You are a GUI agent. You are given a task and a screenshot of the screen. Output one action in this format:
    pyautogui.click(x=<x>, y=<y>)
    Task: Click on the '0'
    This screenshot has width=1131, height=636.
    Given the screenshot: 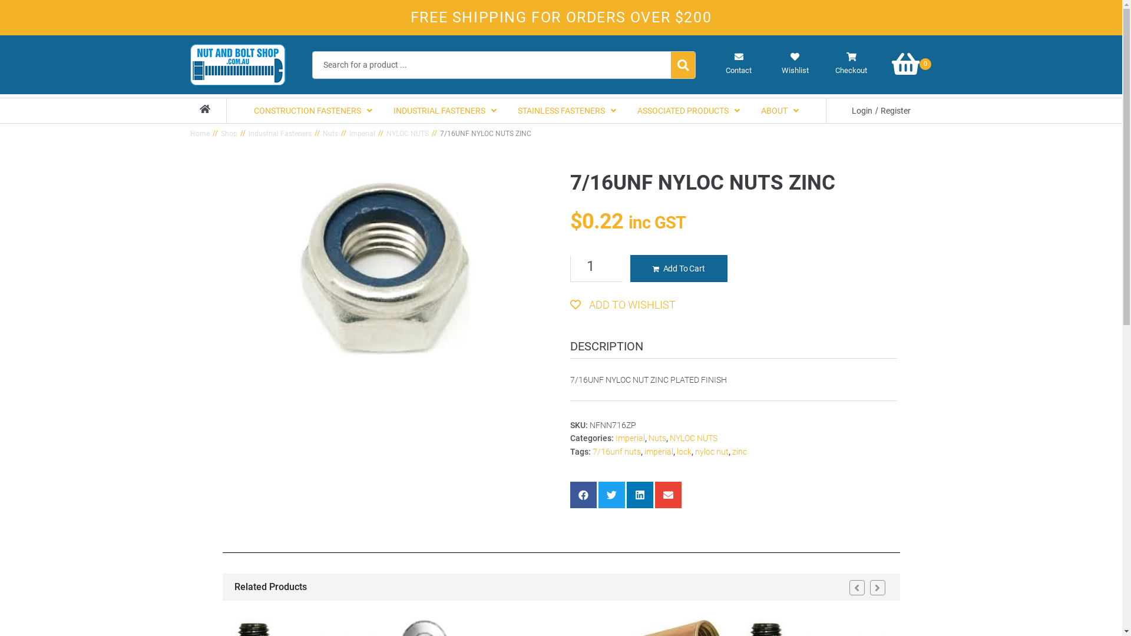 What is the action you would take?
    pyautogui.click(x=912, y=64)
    